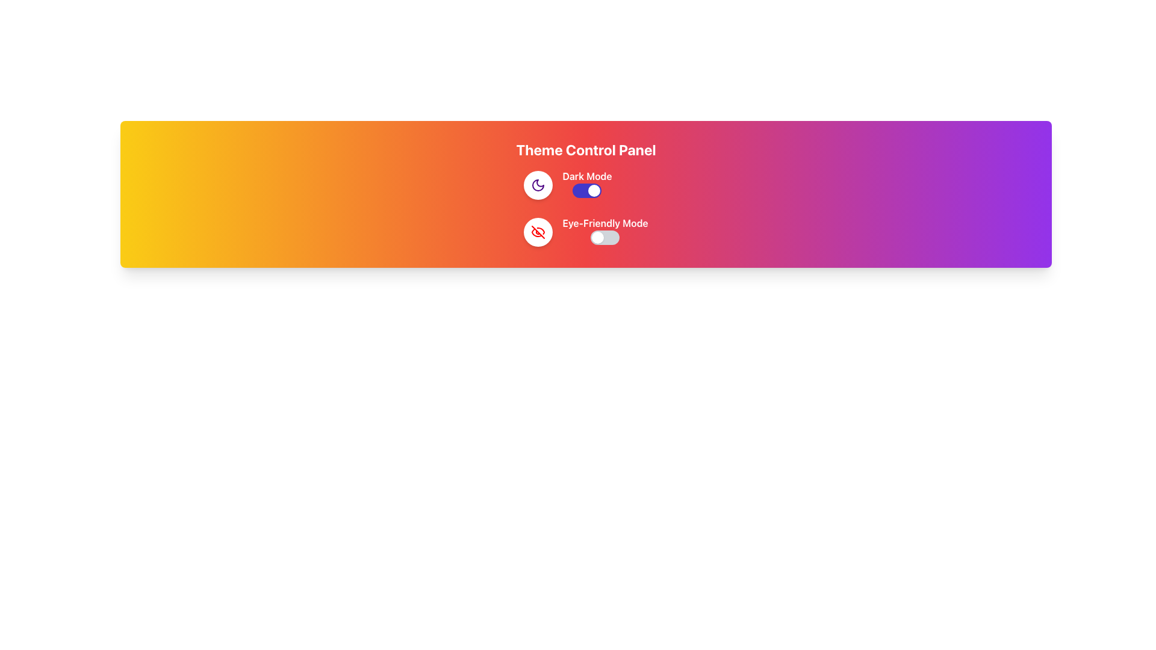  I want to click on the toggle switch labeled 'Eye-Friendly Mode', so click(605, 232).